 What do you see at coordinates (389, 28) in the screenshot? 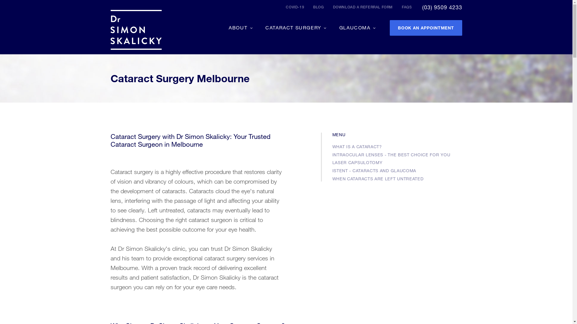
I see `'BOOK AN APPOINTMENT'` at bounding box center [389, 28].